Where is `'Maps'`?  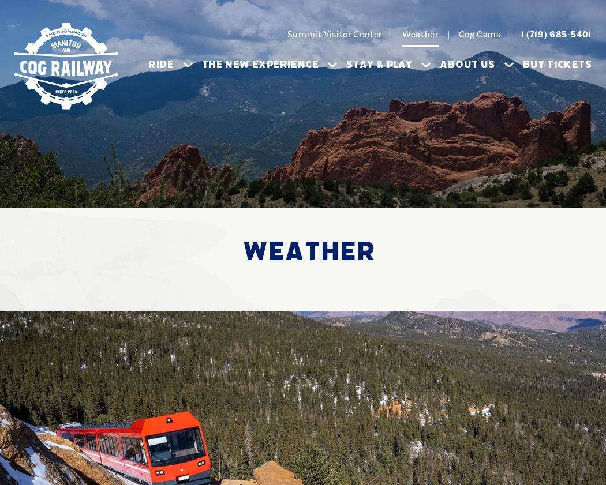
'Maps' is located at coordinates (474, 288).